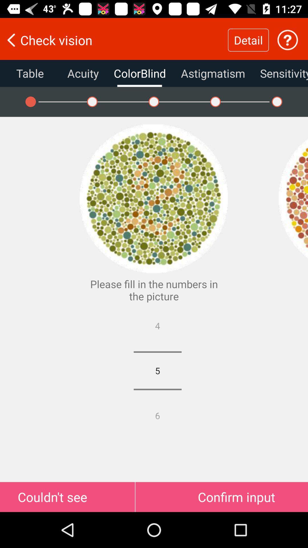 This screenshot has height=548, width=308. I want to click on game, so click(293, 199).